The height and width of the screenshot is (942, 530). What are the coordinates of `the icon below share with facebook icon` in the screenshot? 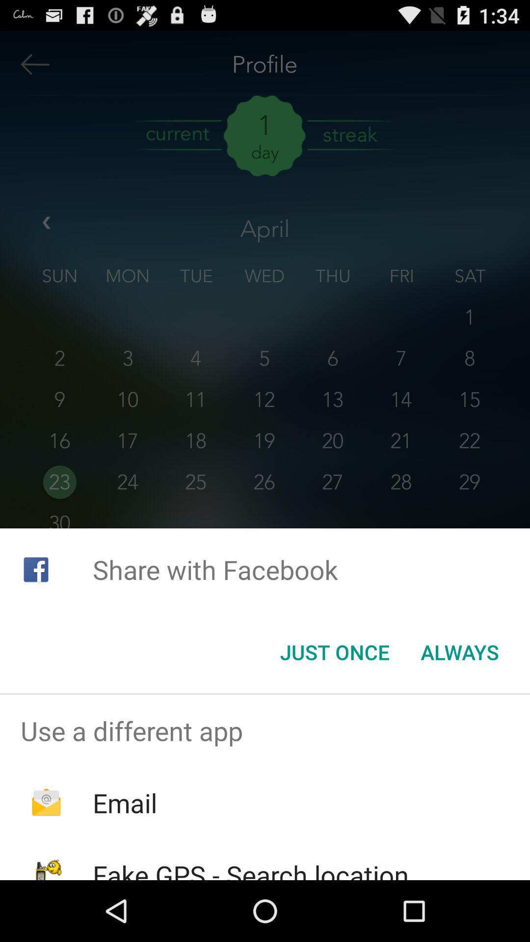 It's located at (460, 652).